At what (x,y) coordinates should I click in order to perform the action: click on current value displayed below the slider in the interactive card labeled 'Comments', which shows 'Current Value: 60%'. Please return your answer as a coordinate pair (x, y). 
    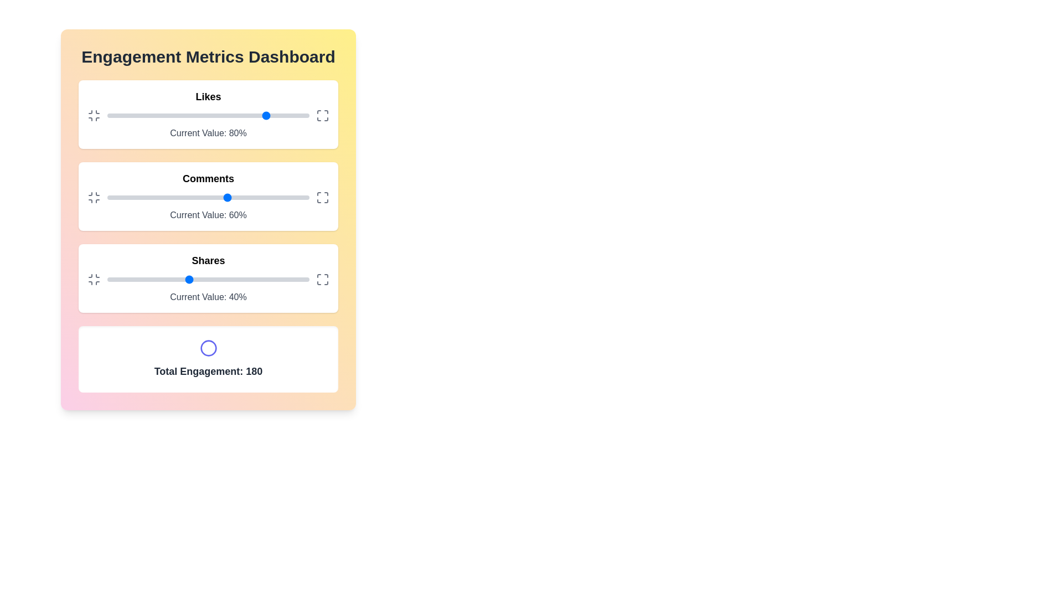
    Looking at the image, I should click on (208, 195).